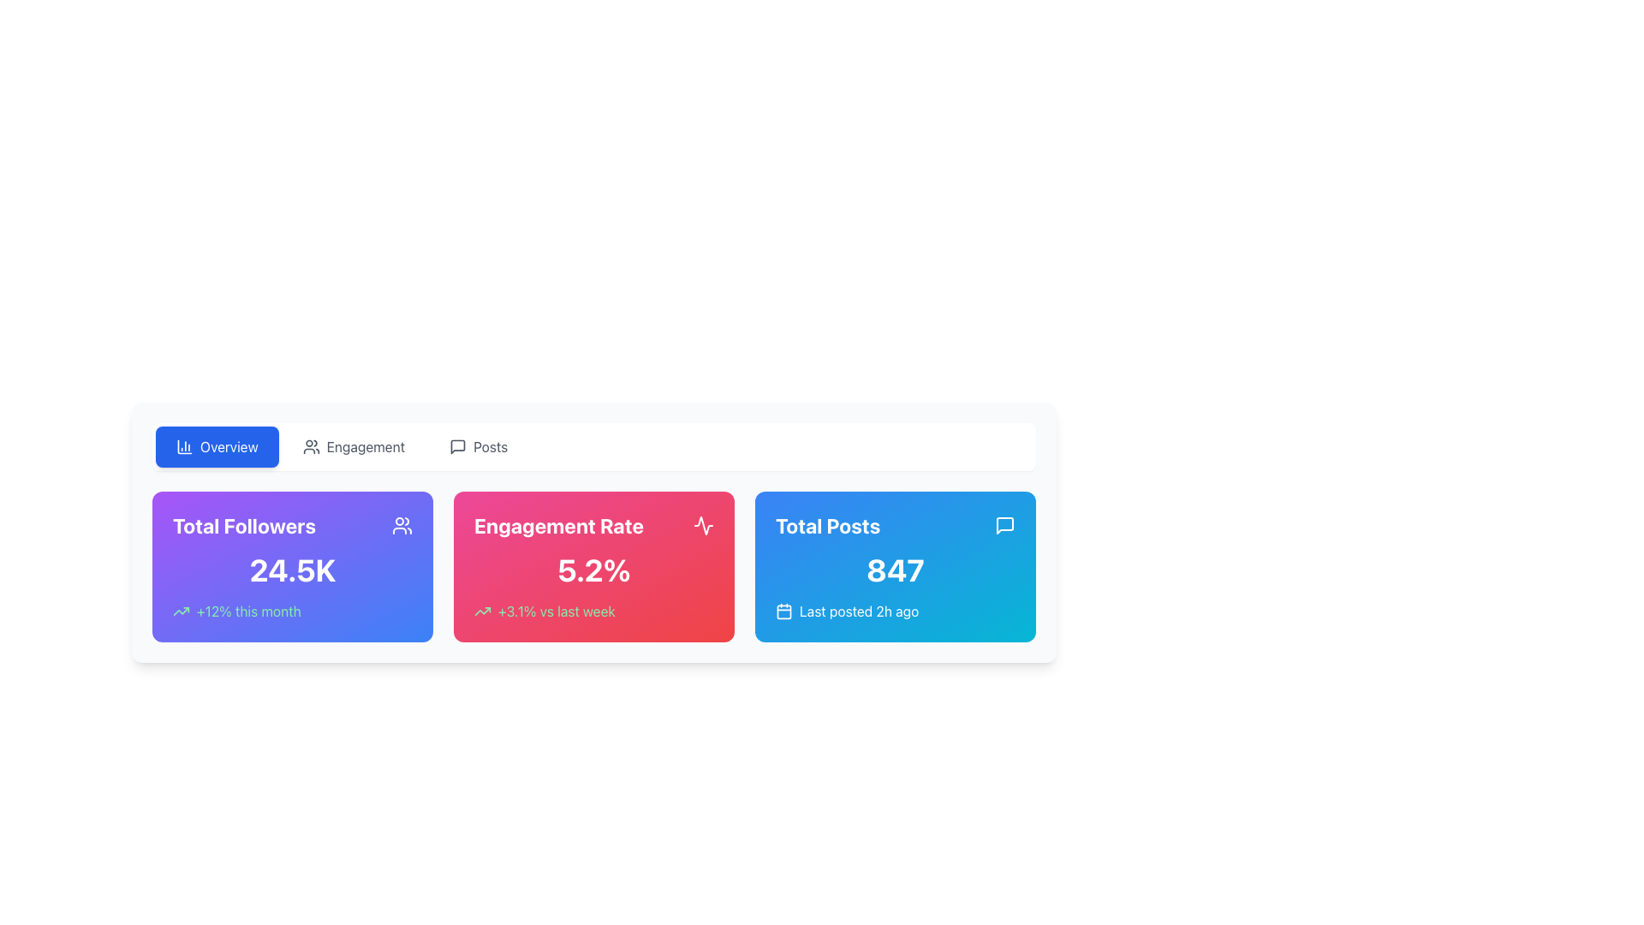 This screenshot has width=1644, height=925. I want to click on the meaning of the label that serves as a header for the section titled 'Total Followers', positioned above the numerical display, so click(292, 524).